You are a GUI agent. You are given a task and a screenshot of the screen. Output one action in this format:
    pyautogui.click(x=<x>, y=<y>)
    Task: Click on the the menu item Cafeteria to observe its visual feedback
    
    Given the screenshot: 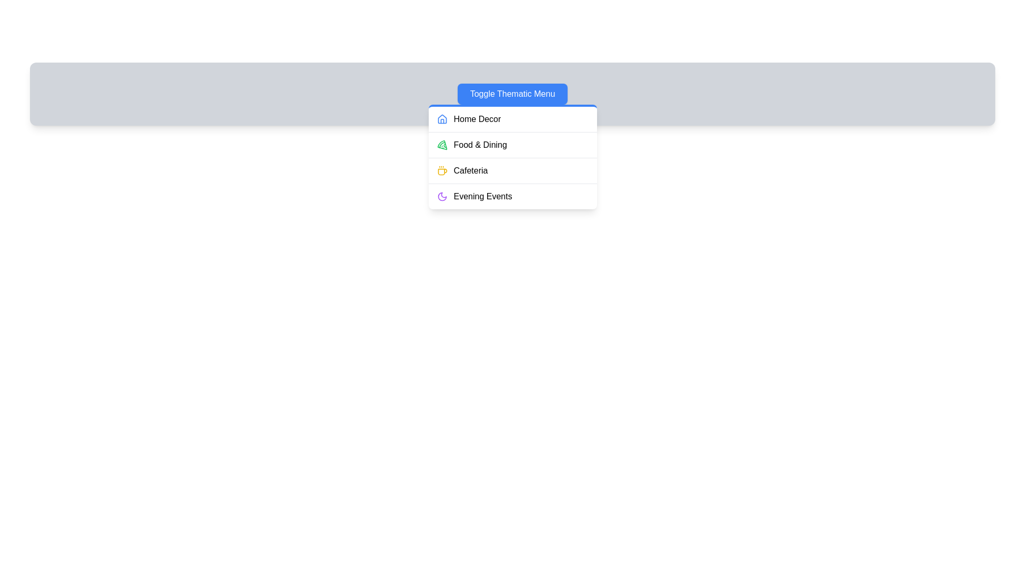 What is the action you would take?
    pyautogui.click(x=512, y=170)
    